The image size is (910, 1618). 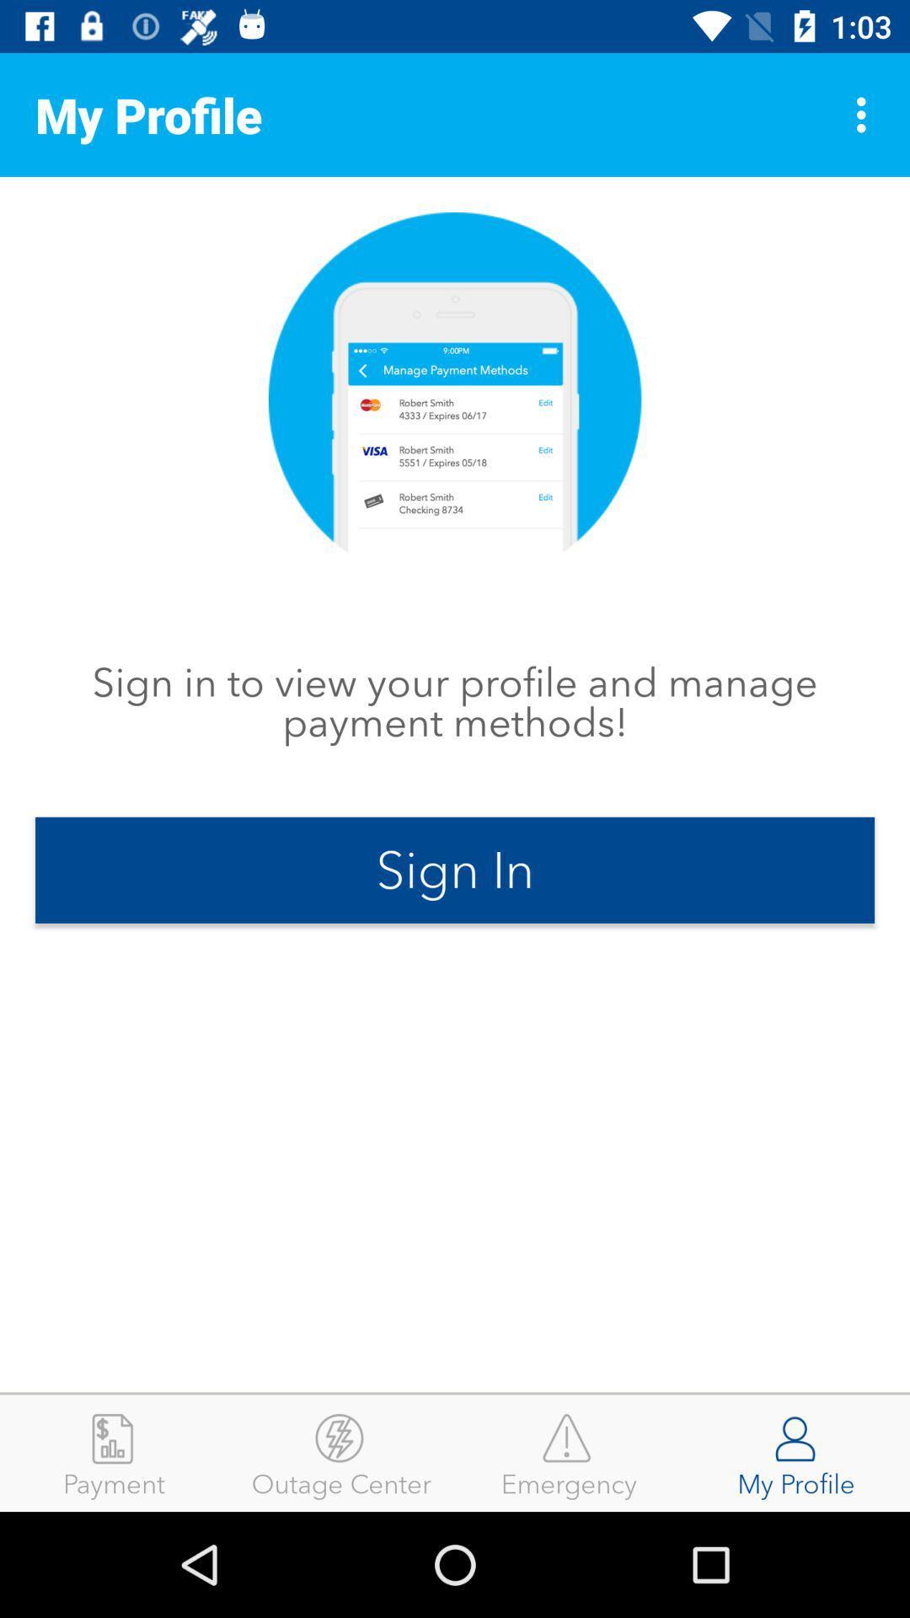 I want to click on item next to the my profile icon, so click(x=569, y=1452).